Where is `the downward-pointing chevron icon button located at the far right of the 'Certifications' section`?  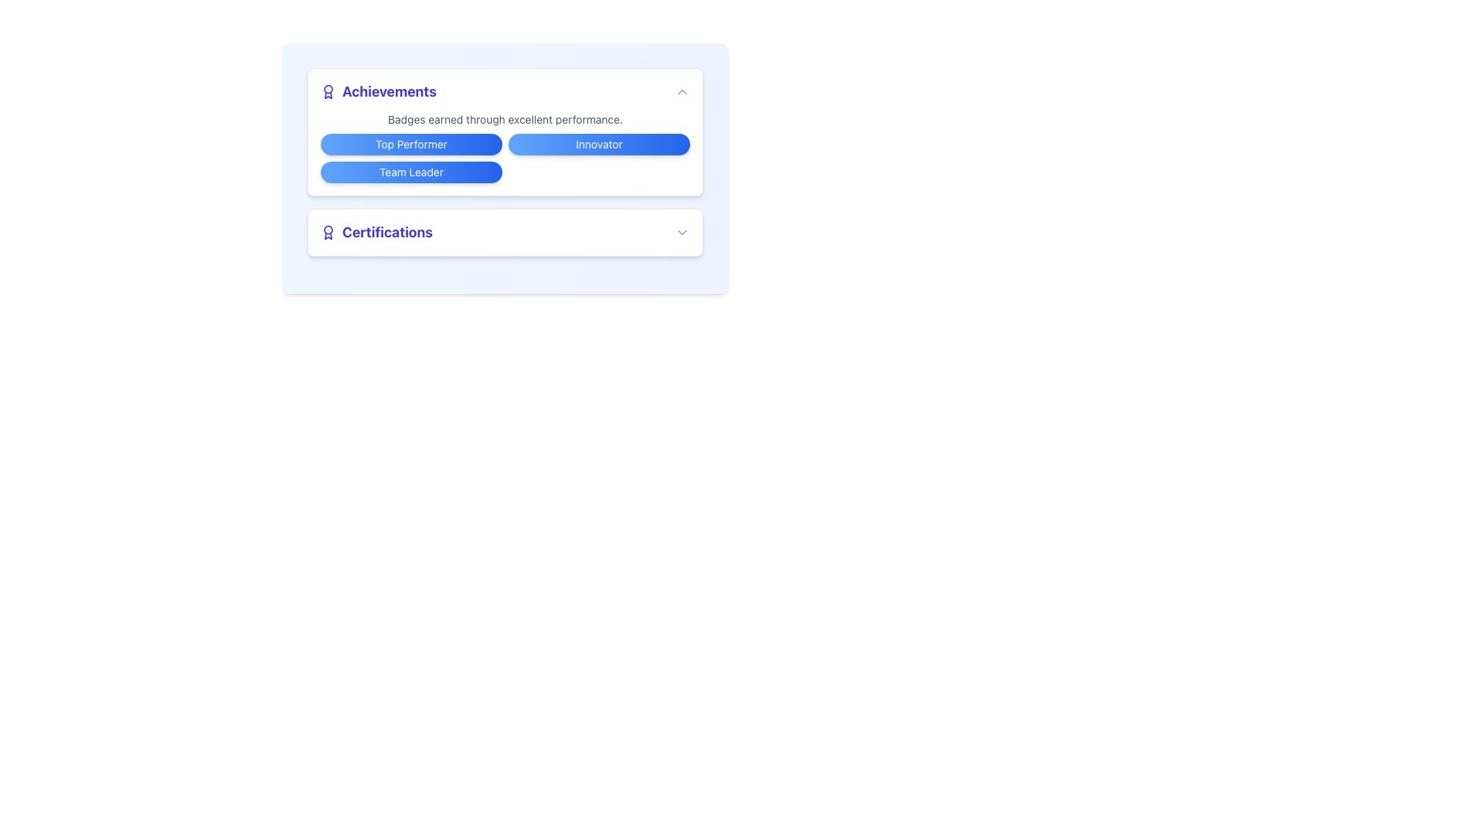 the downward-pointing chevron icon button located at the far right of the 'Certifications' section is located at coordinates (682, 232).